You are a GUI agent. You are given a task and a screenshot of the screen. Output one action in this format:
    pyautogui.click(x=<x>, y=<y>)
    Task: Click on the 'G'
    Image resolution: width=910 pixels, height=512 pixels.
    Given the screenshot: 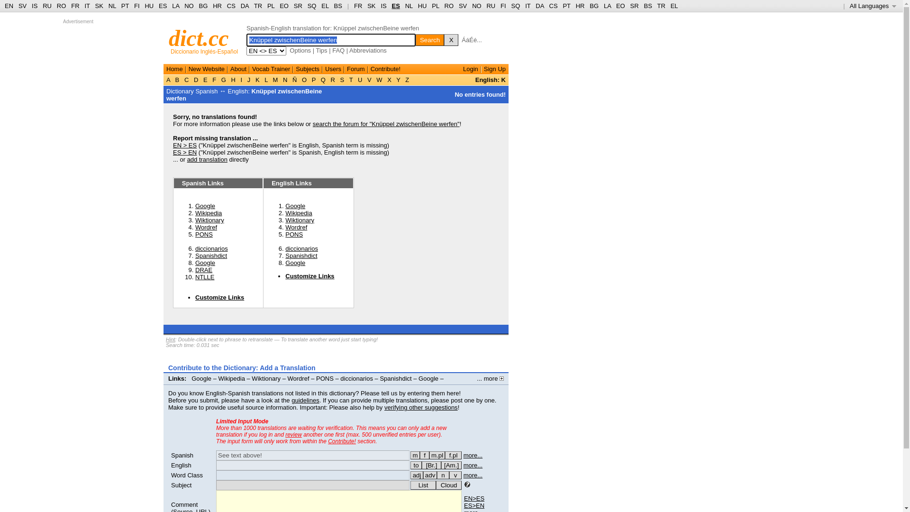 What is the action you would take?
    pyautogui.click(x=223, y=79)
    